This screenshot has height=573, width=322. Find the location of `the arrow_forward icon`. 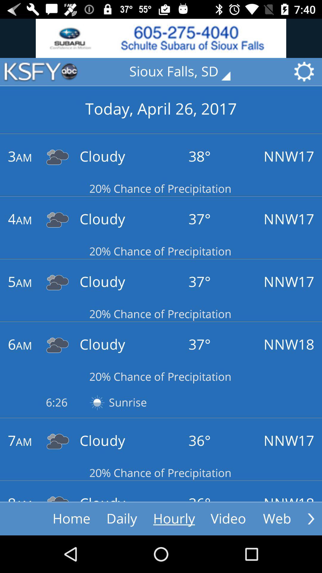

the arrow_forward icon is located at coordinates (311, 518).